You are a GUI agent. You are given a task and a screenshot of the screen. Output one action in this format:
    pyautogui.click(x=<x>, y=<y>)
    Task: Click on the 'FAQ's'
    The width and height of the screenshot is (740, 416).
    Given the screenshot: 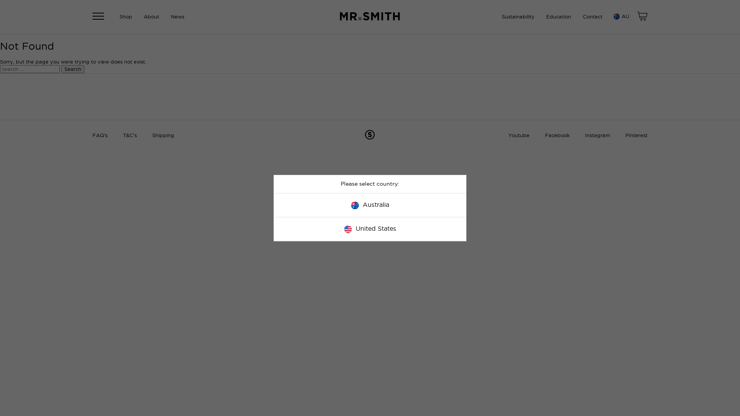 What is the action you would take?
    pyautogui.click(x=92, y=135)
    